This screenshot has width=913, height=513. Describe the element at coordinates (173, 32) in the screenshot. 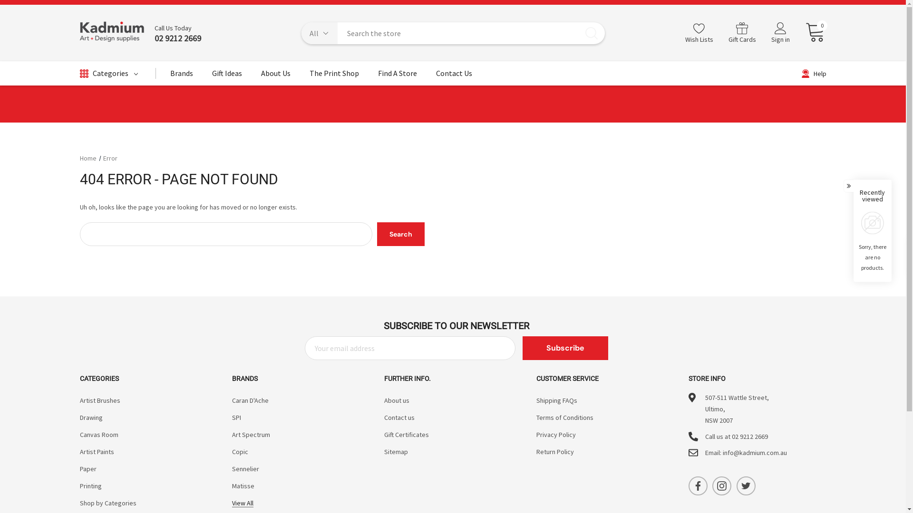

I see `'Call Us Today` at that location.